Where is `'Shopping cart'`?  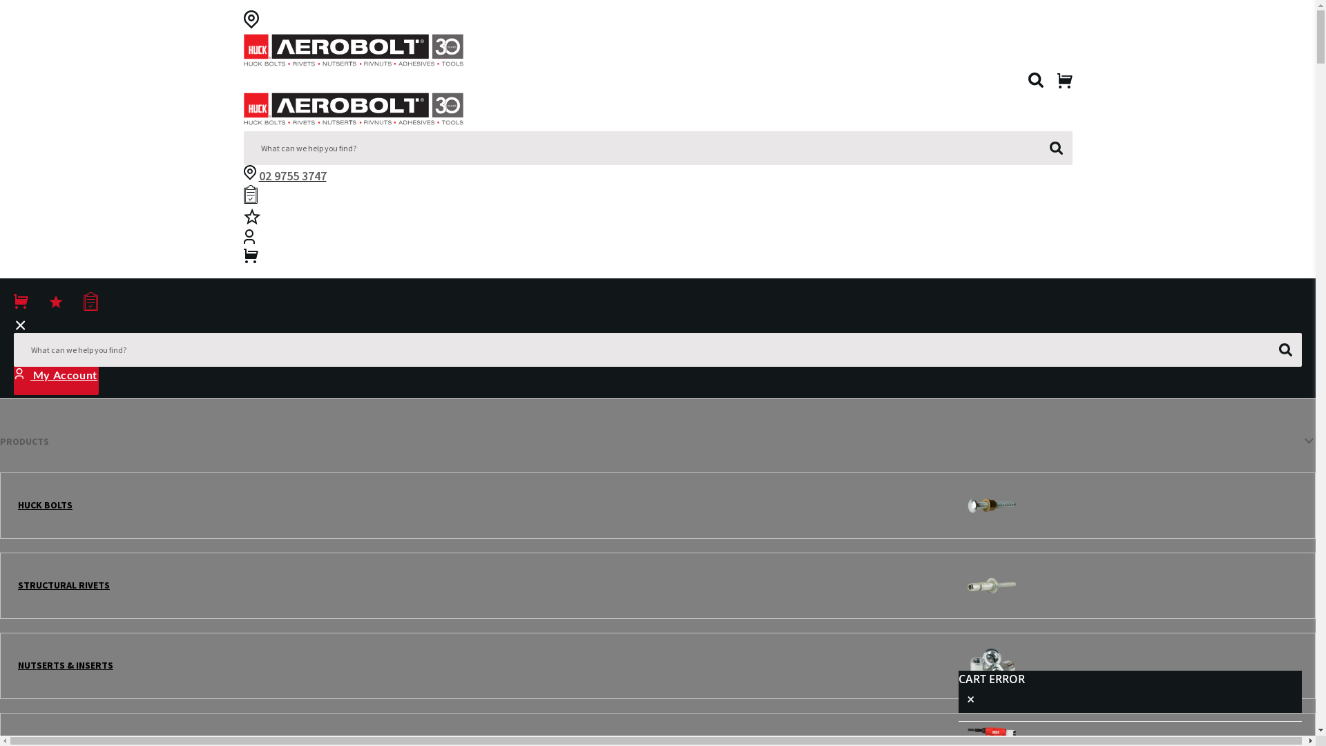 'Shopping cart' is located at coordinates (242, 258).